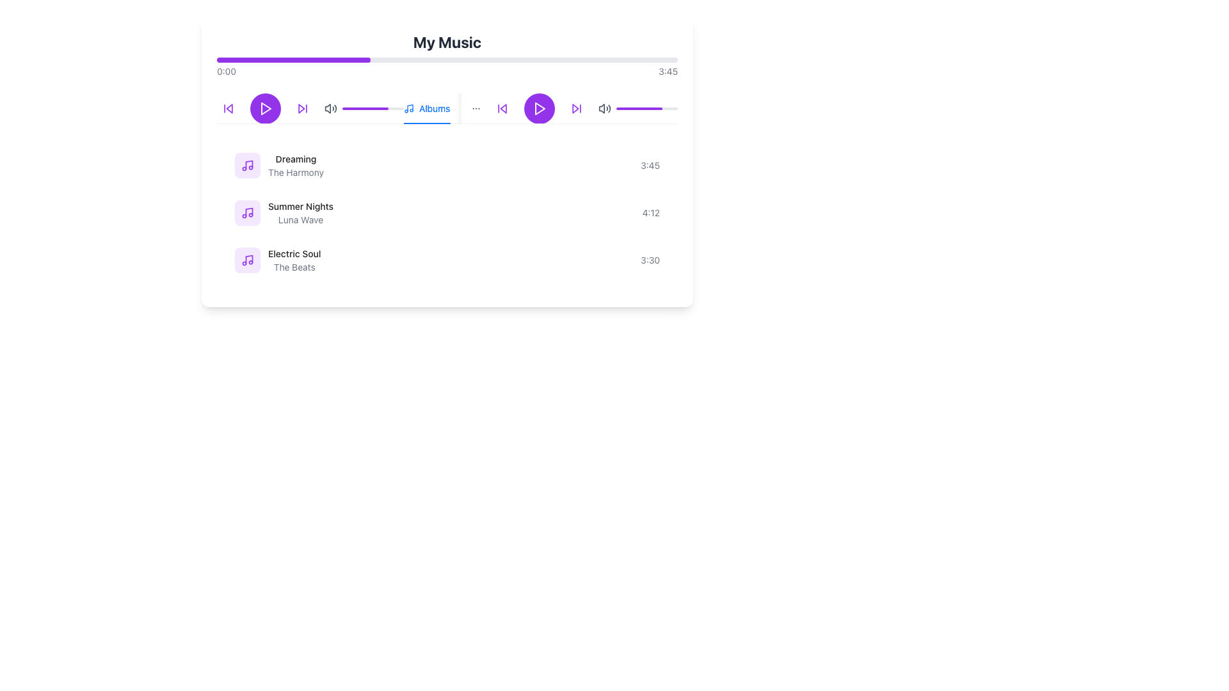 The height and width of the screenshot is (691, 1229). I want to click on the primary text label displaying the title 'Dreaming' and artist 'The Harmony' in the 'My Music' interface, located below the music player controls, so click(295, 164).